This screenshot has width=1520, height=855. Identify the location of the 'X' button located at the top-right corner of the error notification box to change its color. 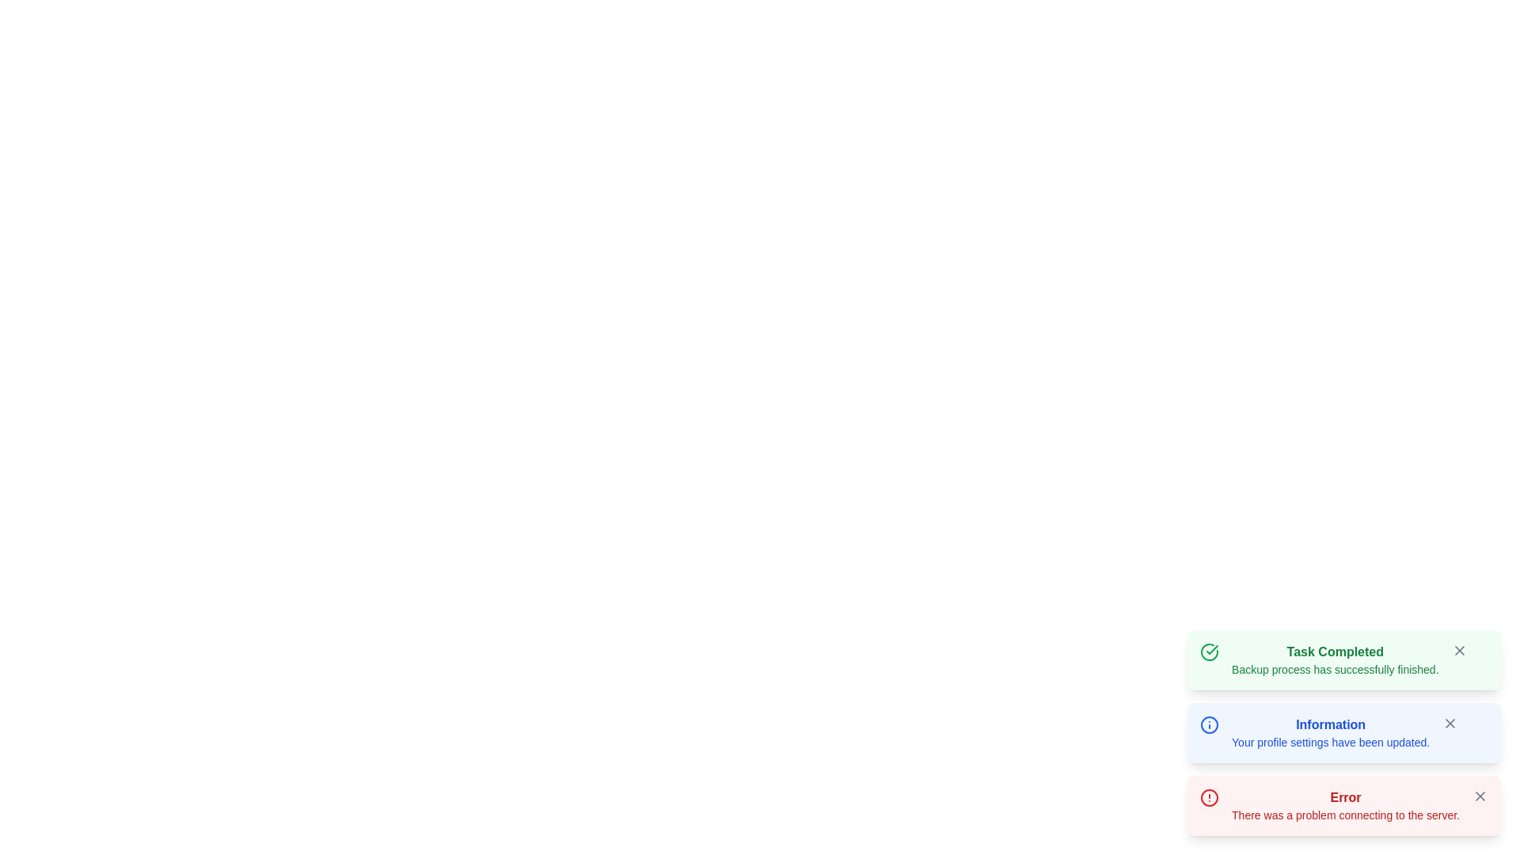
(1480, 796).